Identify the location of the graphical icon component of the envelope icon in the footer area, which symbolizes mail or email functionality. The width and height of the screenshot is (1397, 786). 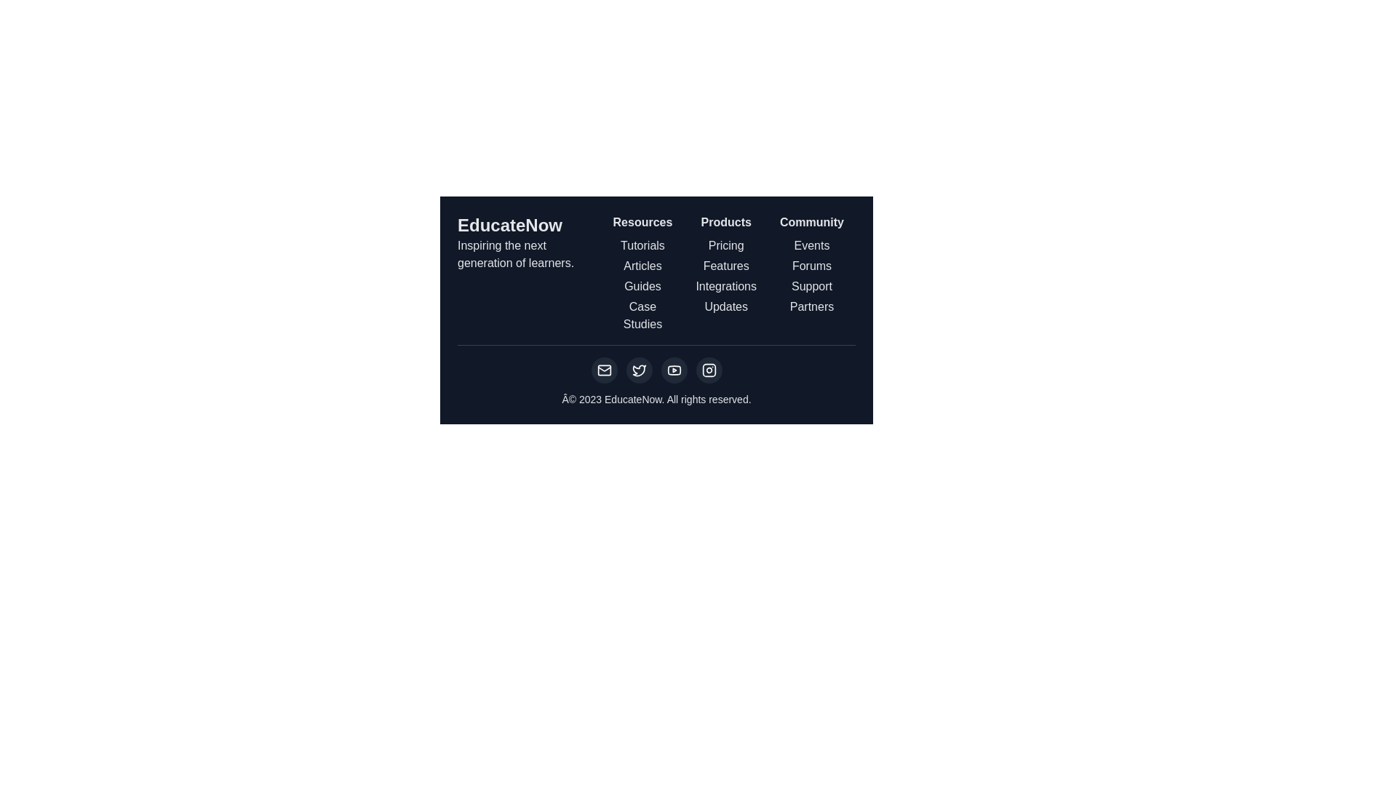
(604, 370).